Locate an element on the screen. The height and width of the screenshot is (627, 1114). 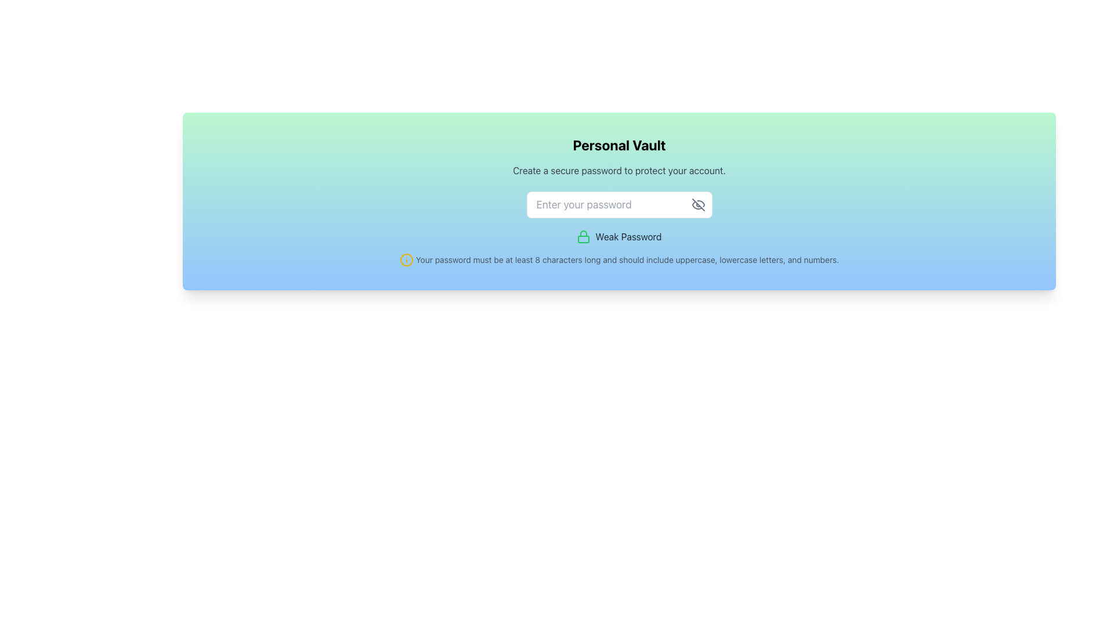
the SVG Circle icon that indicates supplementary information related to password rules to observe its tooltip if one appears is located at coordinates (406, 259).